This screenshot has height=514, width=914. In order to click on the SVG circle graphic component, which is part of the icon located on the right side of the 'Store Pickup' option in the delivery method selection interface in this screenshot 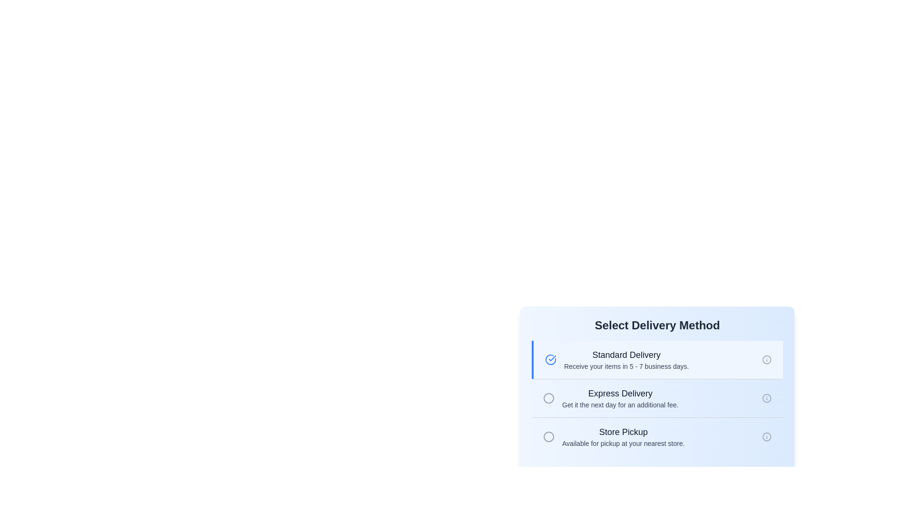, I will do `click(767, 437)`.